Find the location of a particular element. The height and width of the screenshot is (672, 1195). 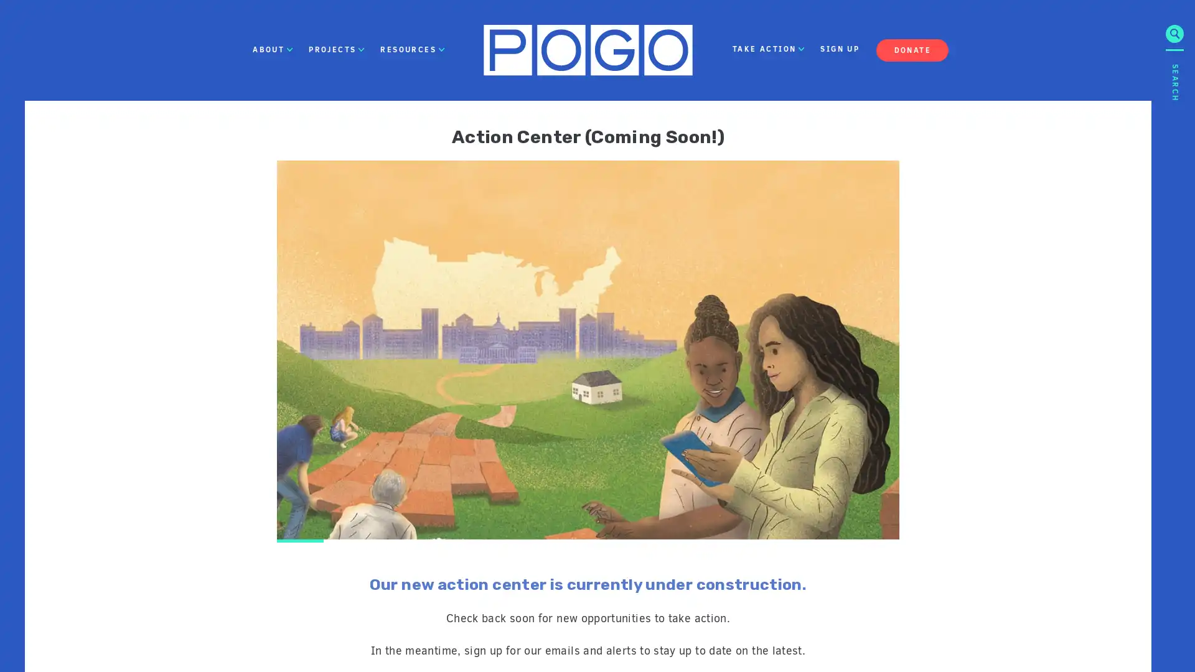

SEARCH is located at coordinates (1174, 170).